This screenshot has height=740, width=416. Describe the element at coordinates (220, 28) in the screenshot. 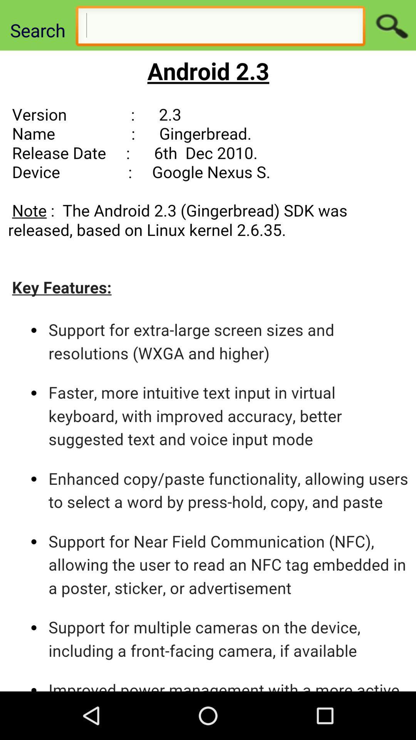

I see `search page` at that location.